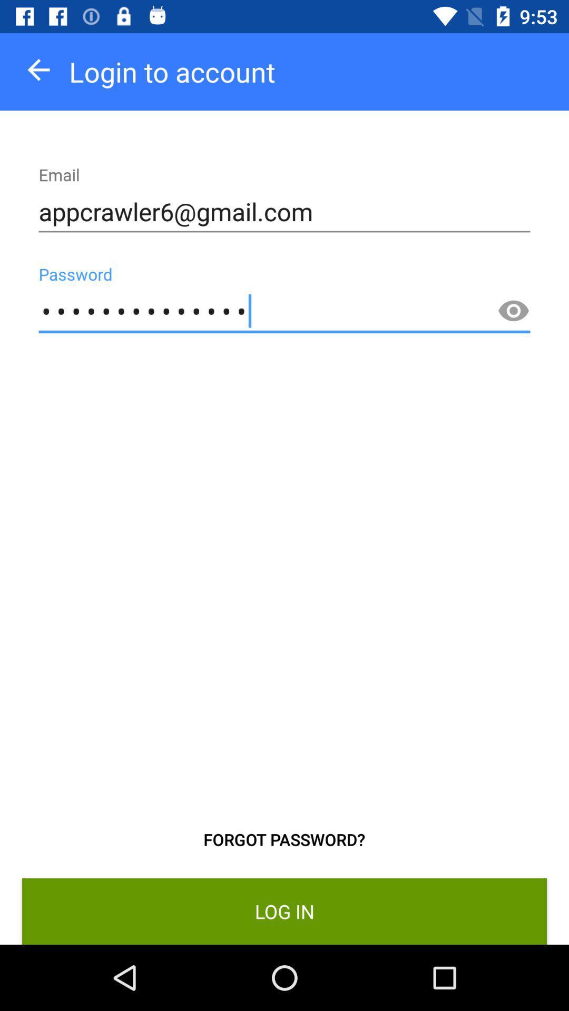  Describe the element at coordinates (513, 311) in the screenshot. I see `the icon above the log in` at that location.